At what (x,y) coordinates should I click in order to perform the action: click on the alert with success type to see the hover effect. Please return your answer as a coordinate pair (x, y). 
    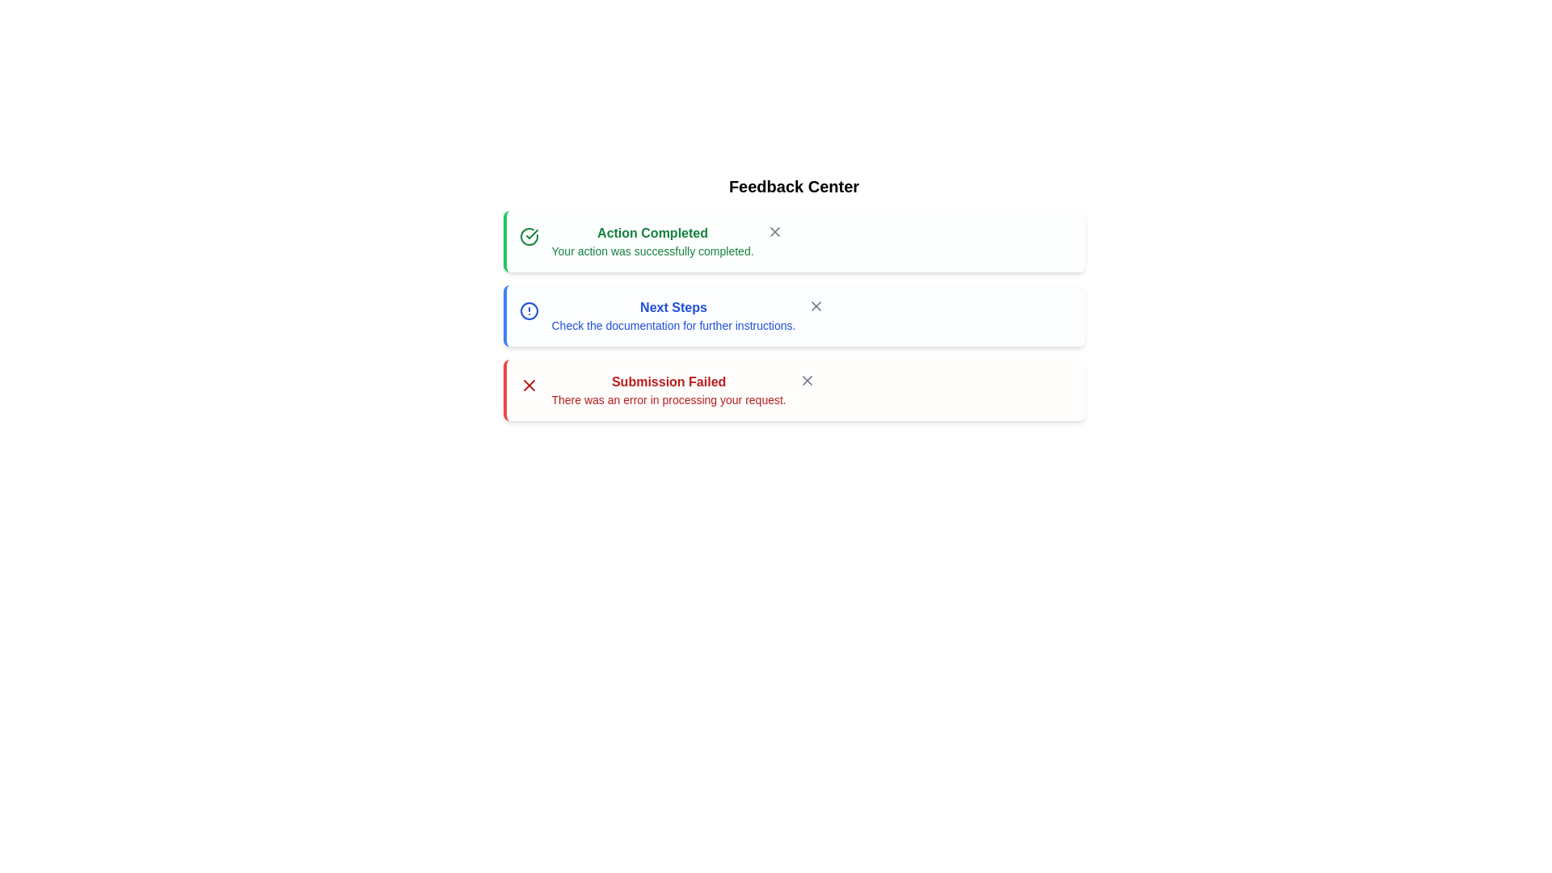
    Looking at the image, I should click on (794, 242).